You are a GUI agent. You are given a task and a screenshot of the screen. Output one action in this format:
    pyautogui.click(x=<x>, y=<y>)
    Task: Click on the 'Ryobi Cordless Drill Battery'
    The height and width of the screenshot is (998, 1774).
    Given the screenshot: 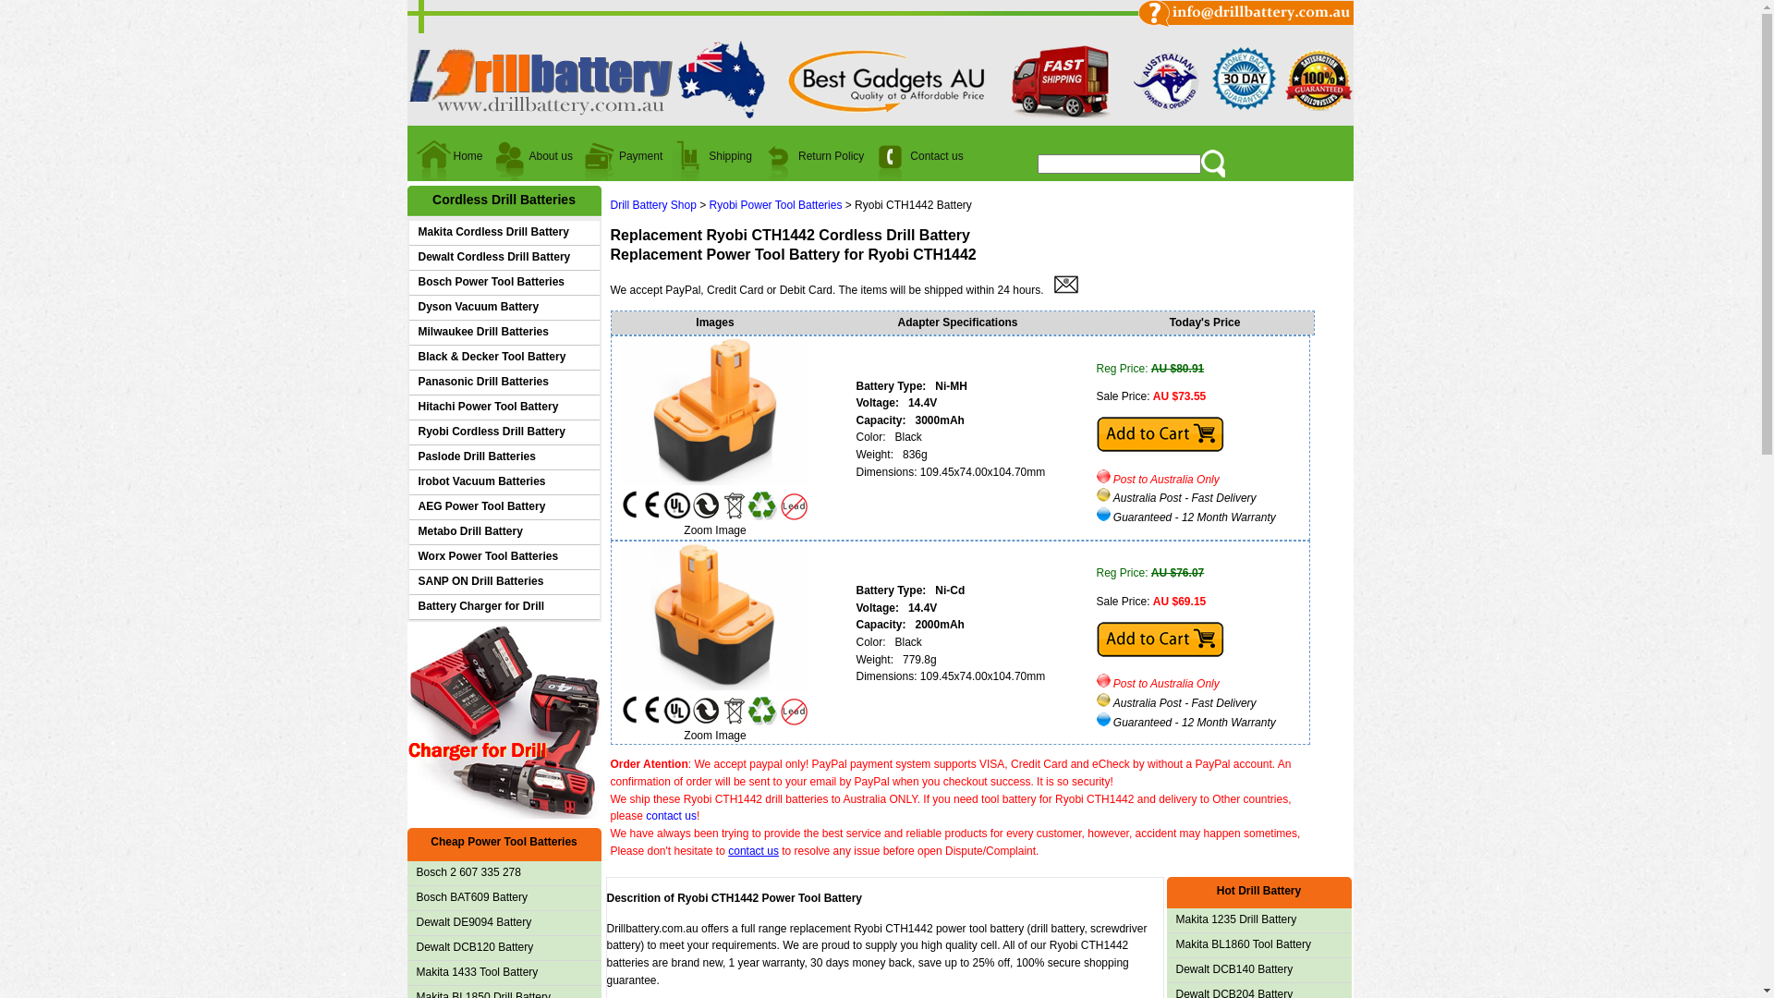 What is the action you would take?
    pyautogui.click(x=504, y=432)
    